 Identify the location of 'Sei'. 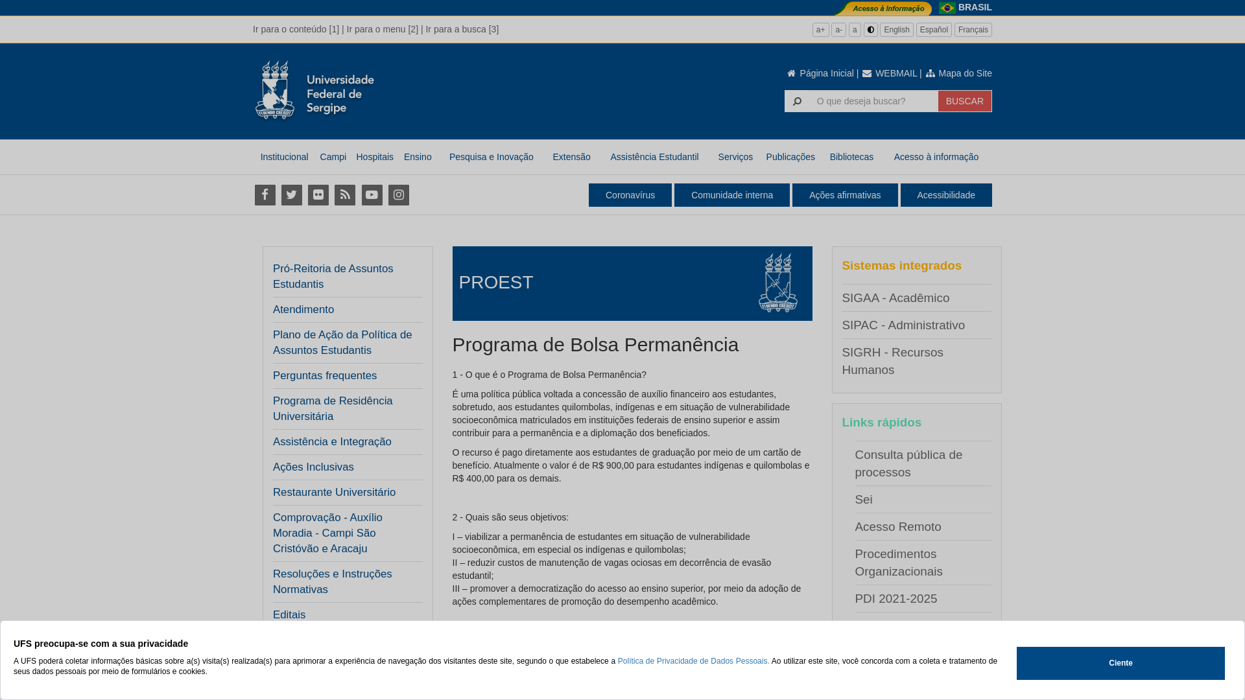
(863, 498).